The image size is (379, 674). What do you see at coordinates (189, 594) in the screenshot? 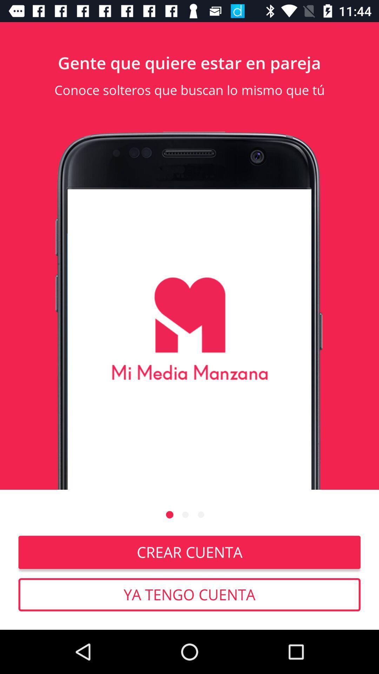
I see `icon below the crear cuenta item` at bounding box center [189, 594].